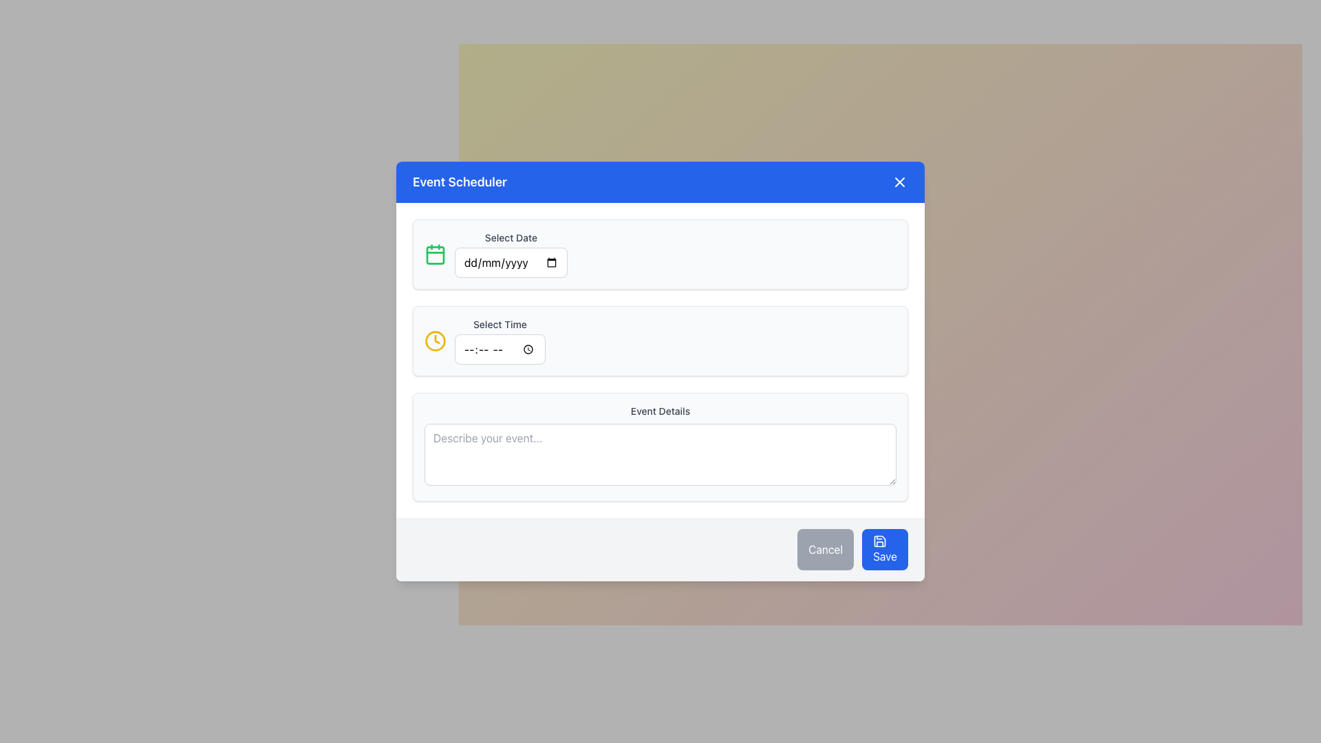 The image size is (1321, 743). What do you see at coordinates (435, 255) in the screenshot?
I see `the calendar icon with a green outline located at the top left of the 'Select Date' field group, which is to the left of the 'dd/mm/yyyy' input box` at bounding box center [435, 255].